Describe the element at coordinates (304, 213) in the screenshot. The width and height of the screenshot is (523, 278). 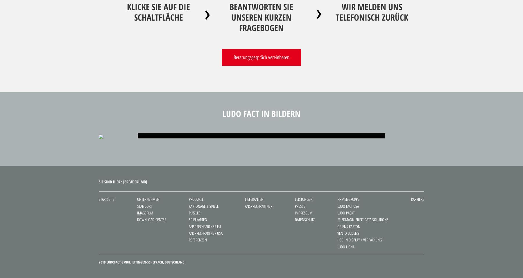
I see `'Impressum'` at that location.